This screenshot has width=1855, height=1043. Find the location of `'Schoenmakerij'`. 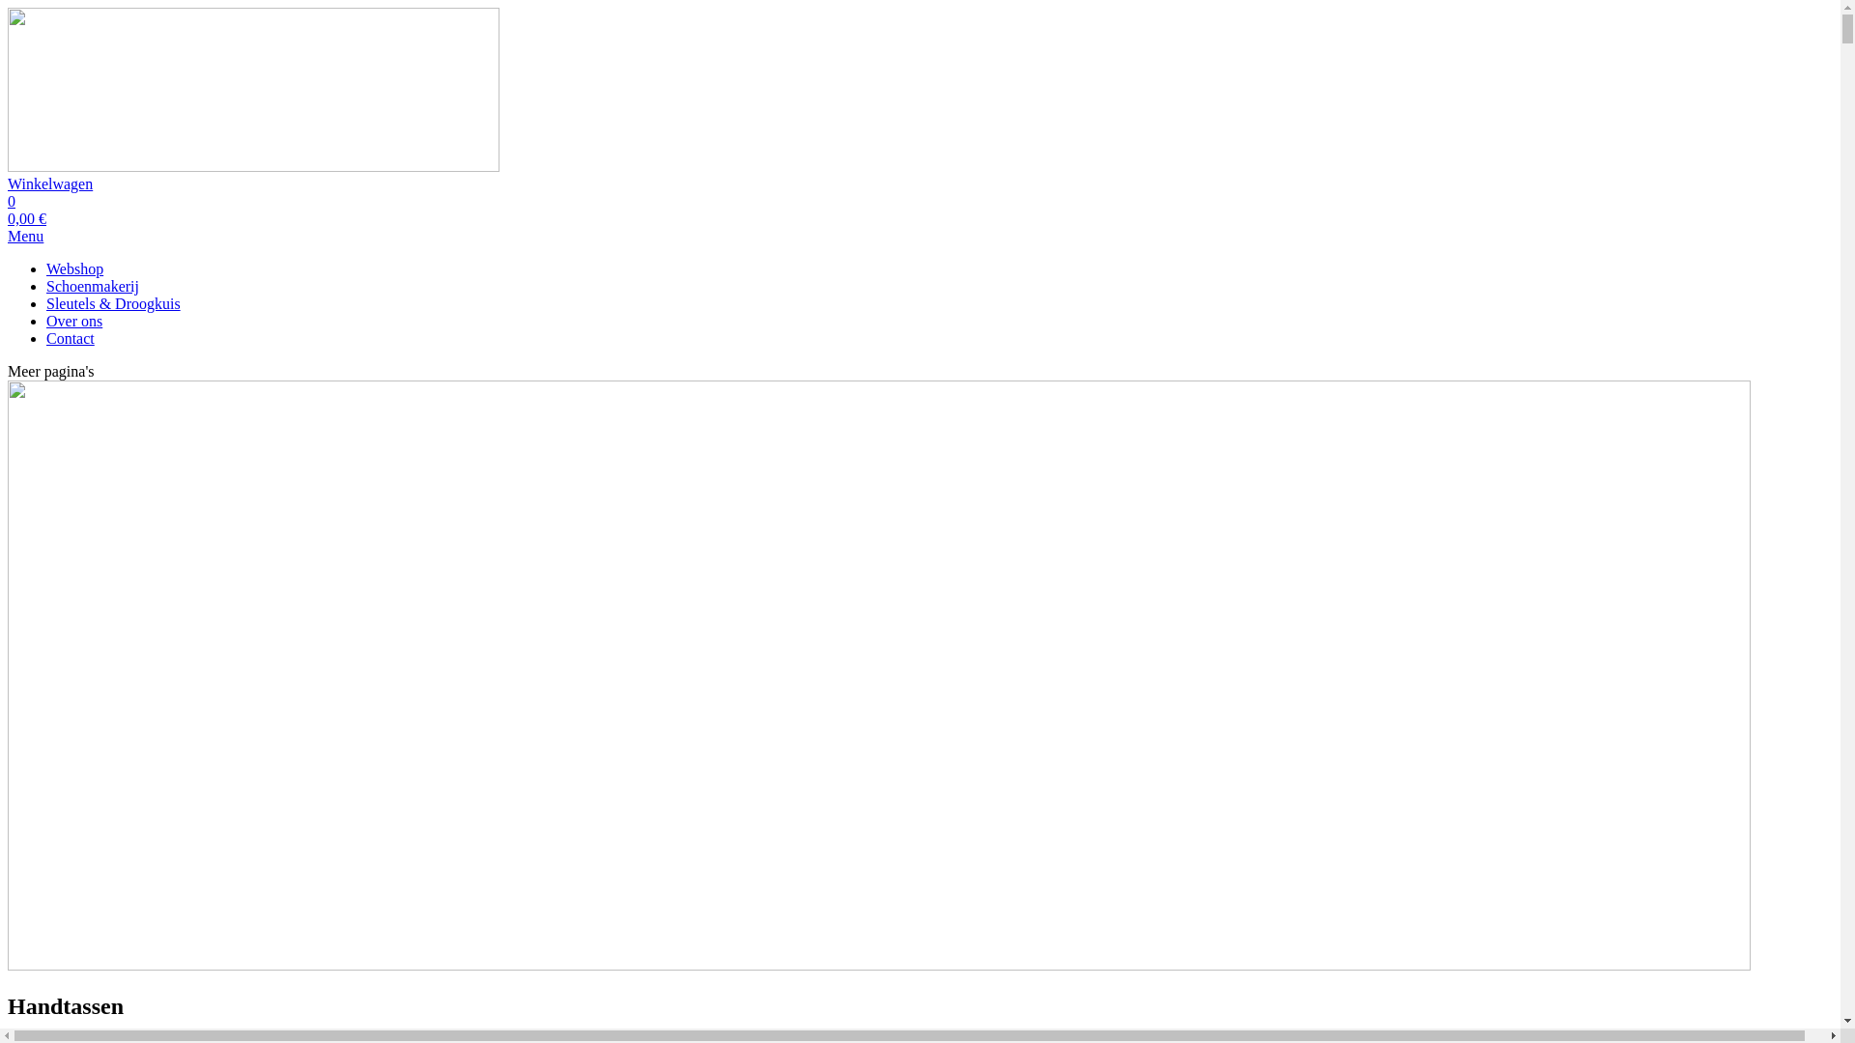

'Schoenmakerij' is located at coordinates (92, 286).